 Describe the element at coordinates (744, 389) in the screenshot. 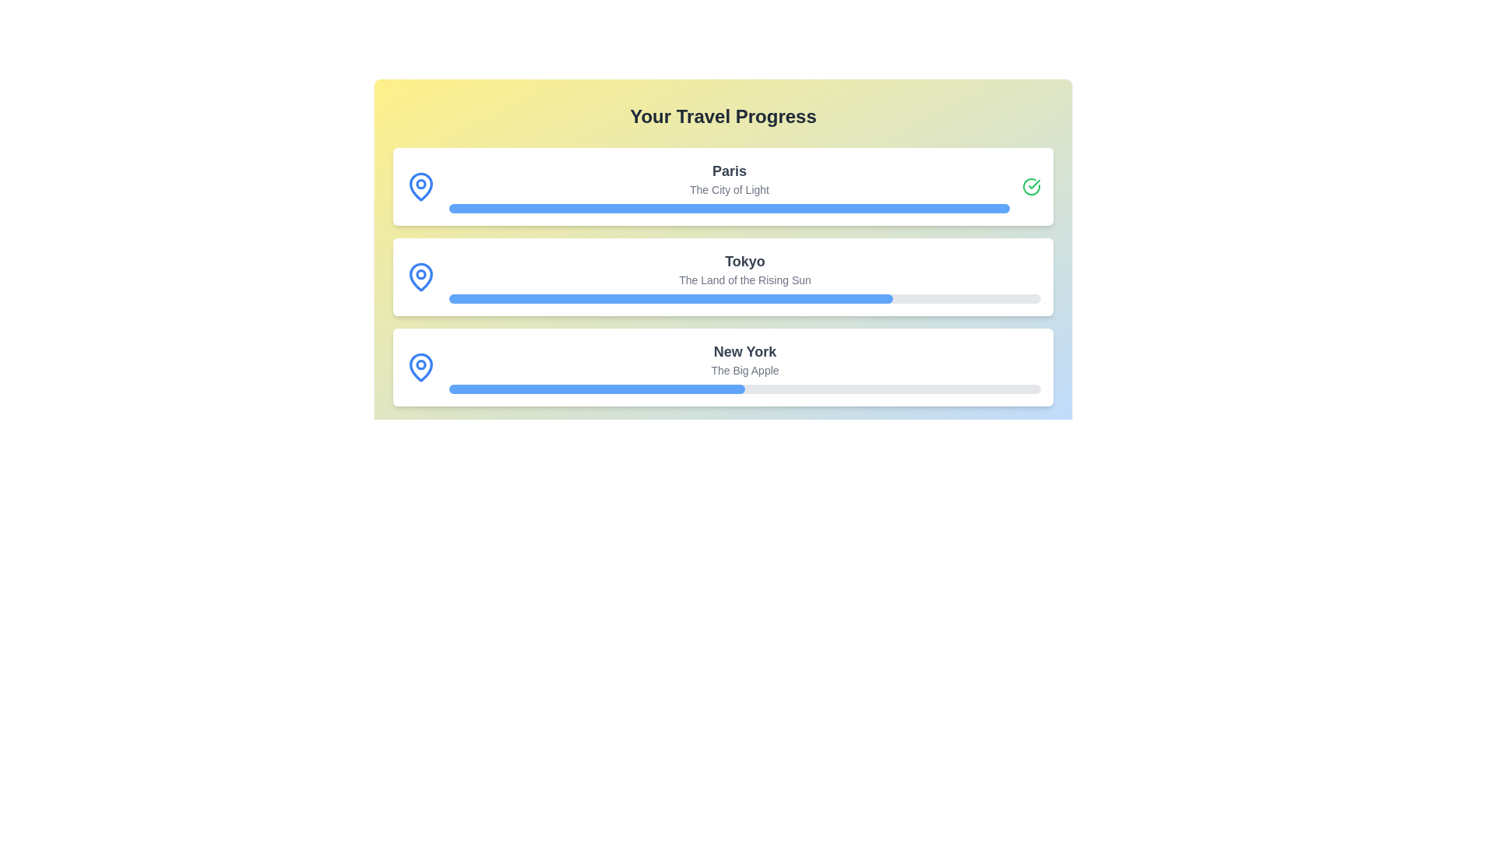

I see `the progress bar located below the text 'New York' and 'The Big Apple', which visually displays the completion status with a blue section indicating progress` at that location.